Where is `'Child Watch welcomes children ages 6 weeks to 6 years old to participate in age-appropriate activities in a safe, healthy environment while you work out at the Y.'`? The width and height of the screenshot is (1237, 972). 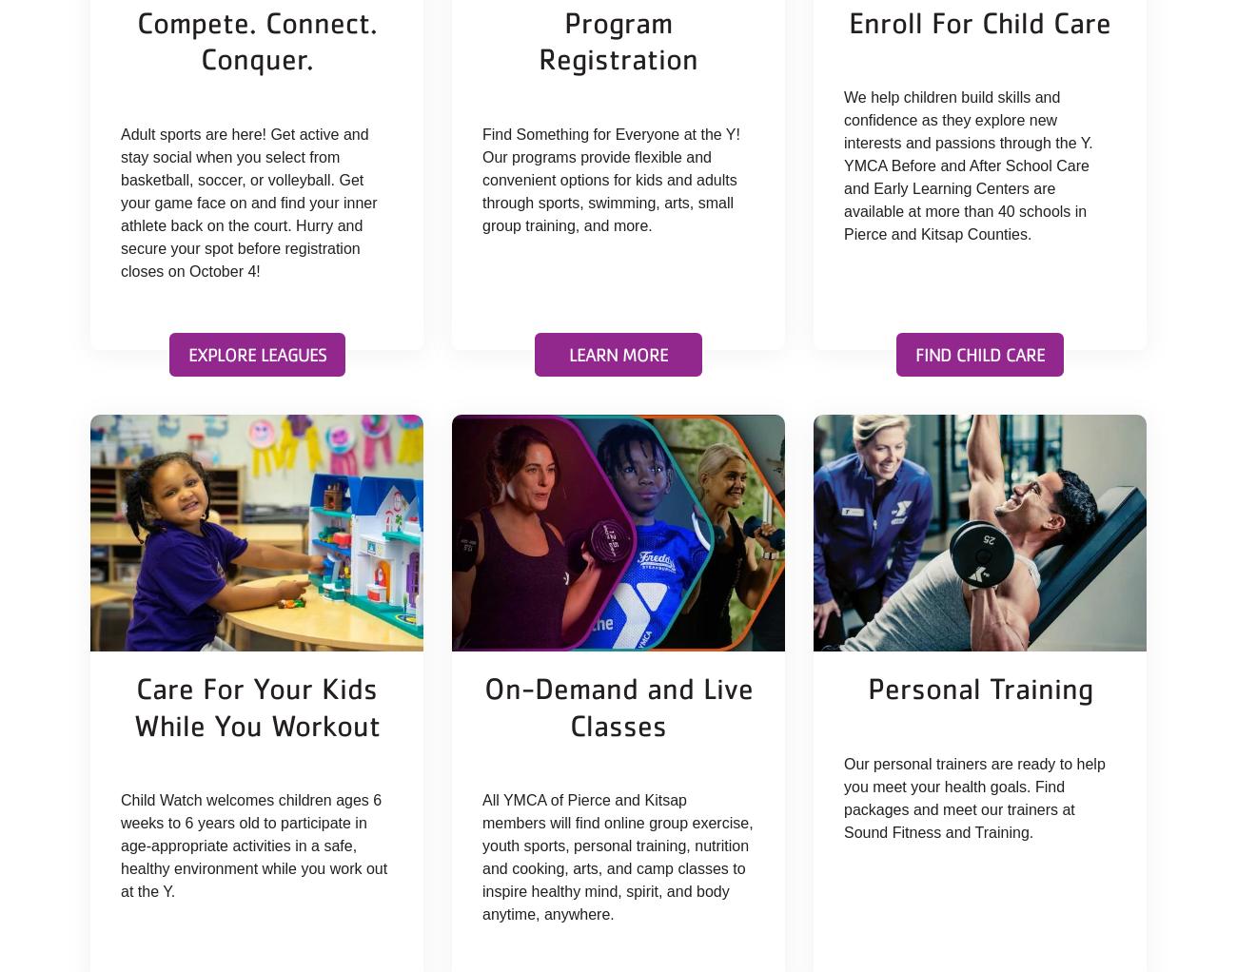
'Child Watch welcomes children ages 6 weeks to 6 years old to participate in age-appropriate activities in a safe, healthy environment while you work out at the Y.' is located at coordinates (253, 845).